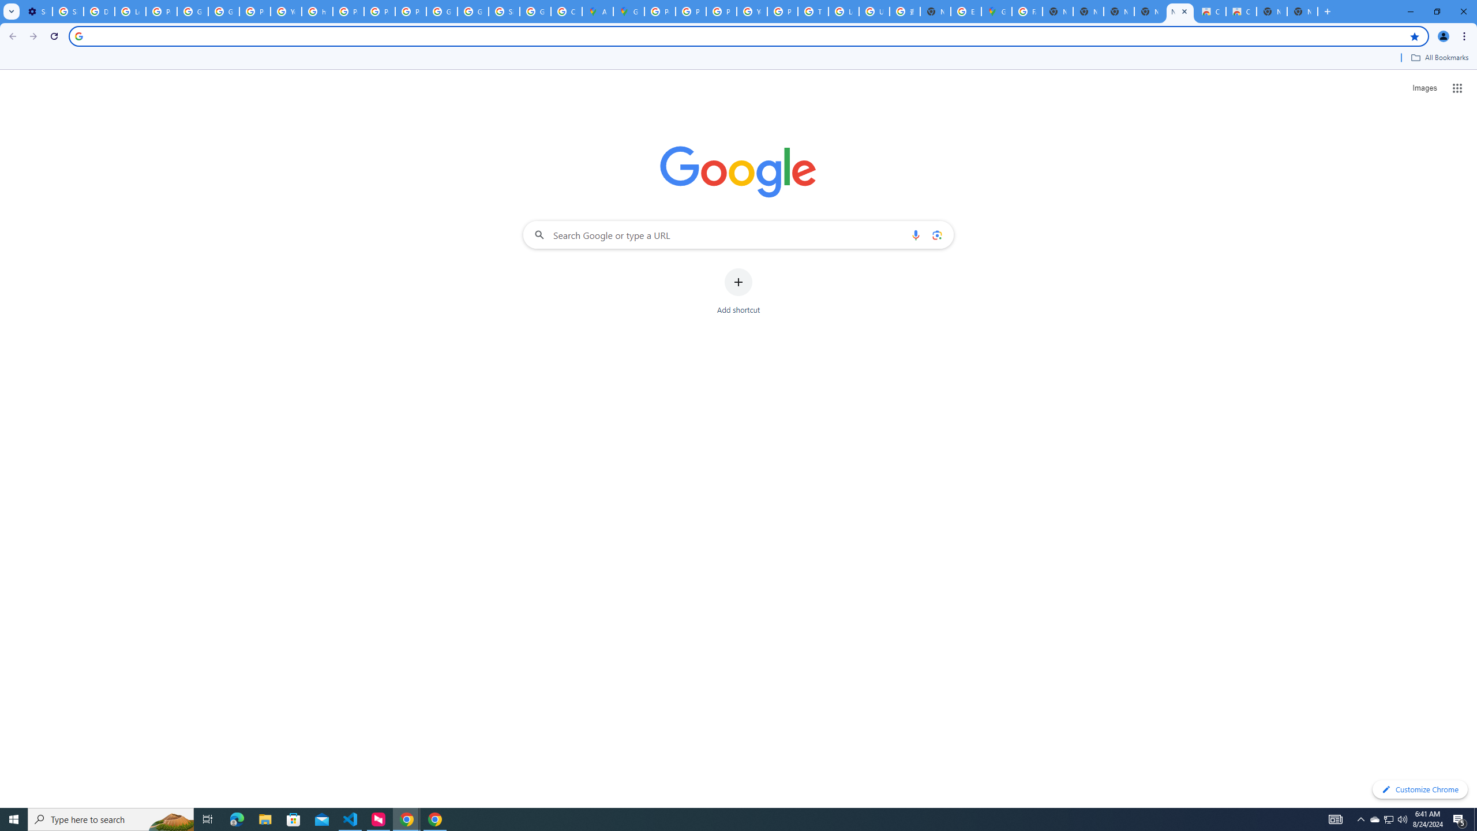  Describe the element at coordinates (37, 11) in the screenshot. I see `'Settings - On startup'` at that location.